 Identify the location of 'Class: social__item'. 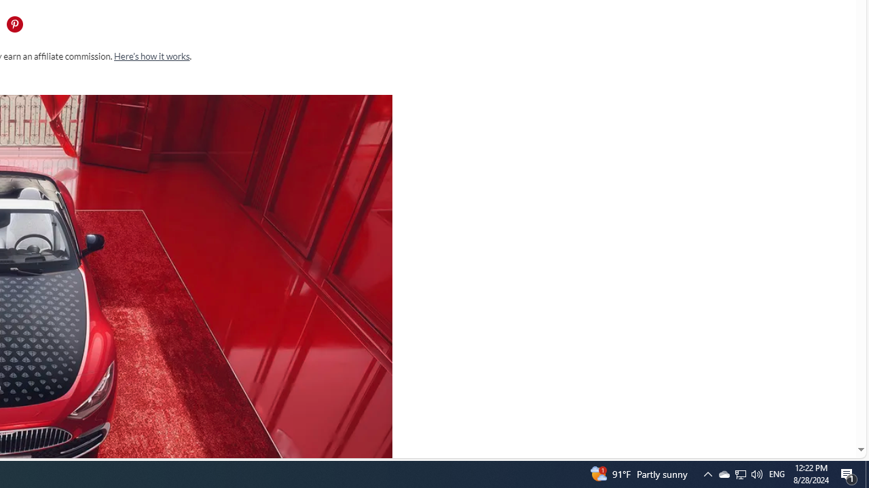
(18, 26).